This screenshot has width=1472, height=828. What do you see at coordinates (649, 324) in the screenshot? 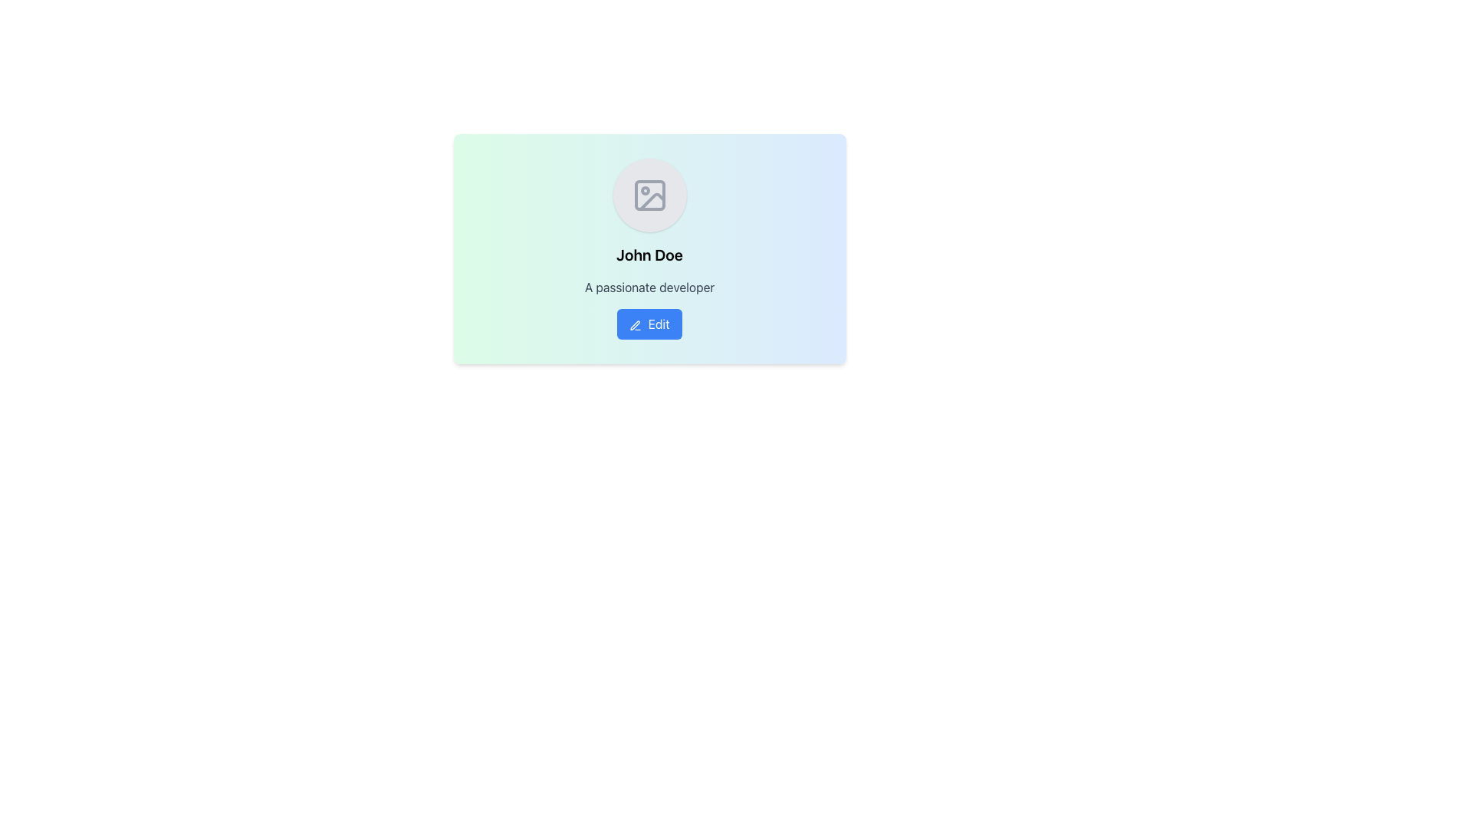
I see `the 'Edit' button, which is a rectangular button with white text on a blue background and a pen icon, located at the bottom of the card component beneath the text 'A passionate developer'` at bounding box center [649, 324].